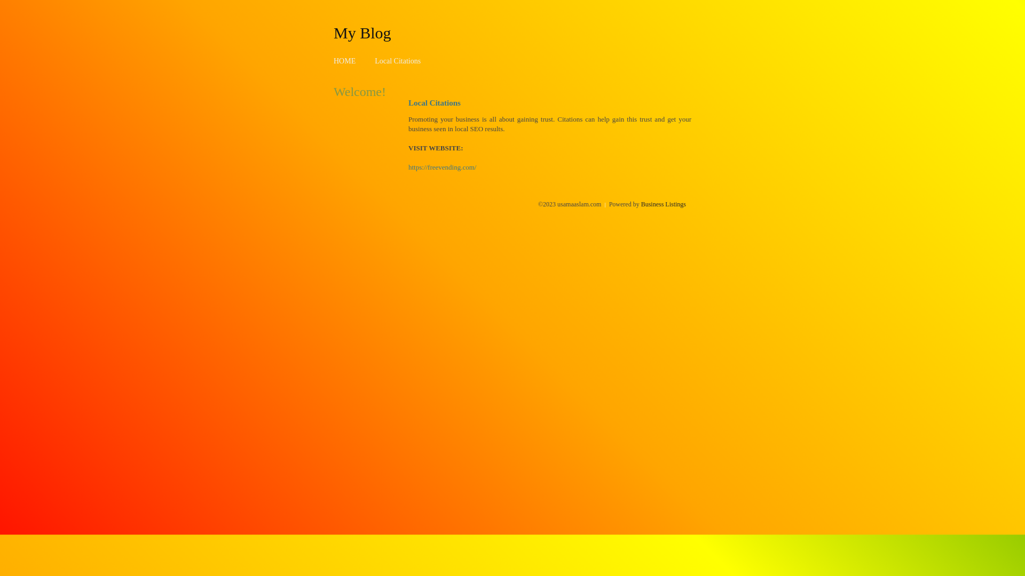  Describe the element at coordinates (333, 61) in the screenshot. I see `'HOME'` at that location.